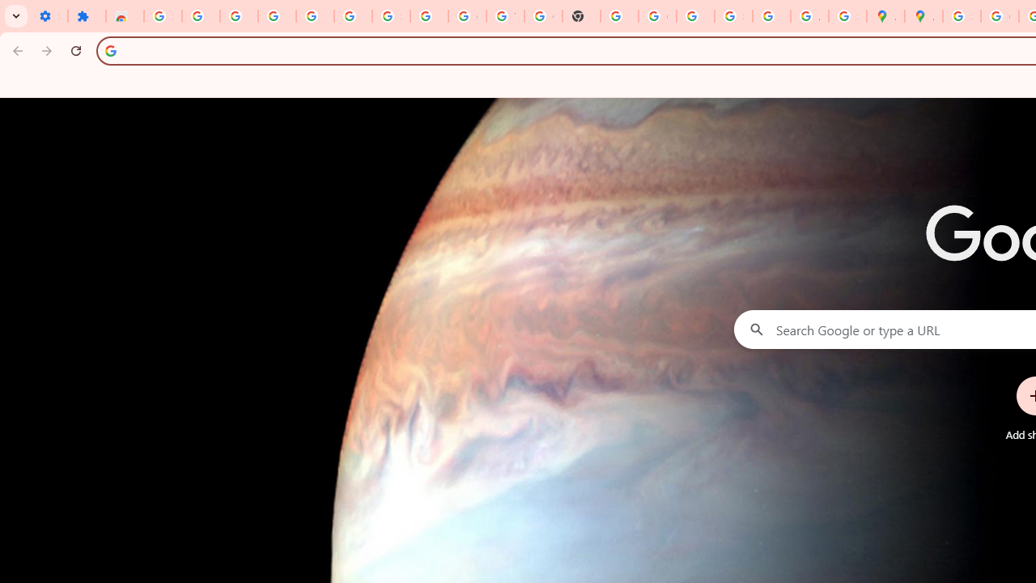 This screenshot has width=1036, height=583. I want to click on 'Settings - On startup', so click(49, 16).